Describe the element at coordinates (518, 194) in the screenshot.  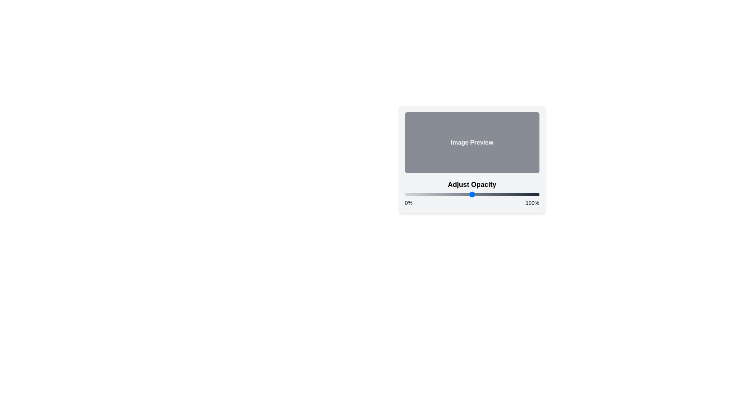
I see `slider value` at that location.